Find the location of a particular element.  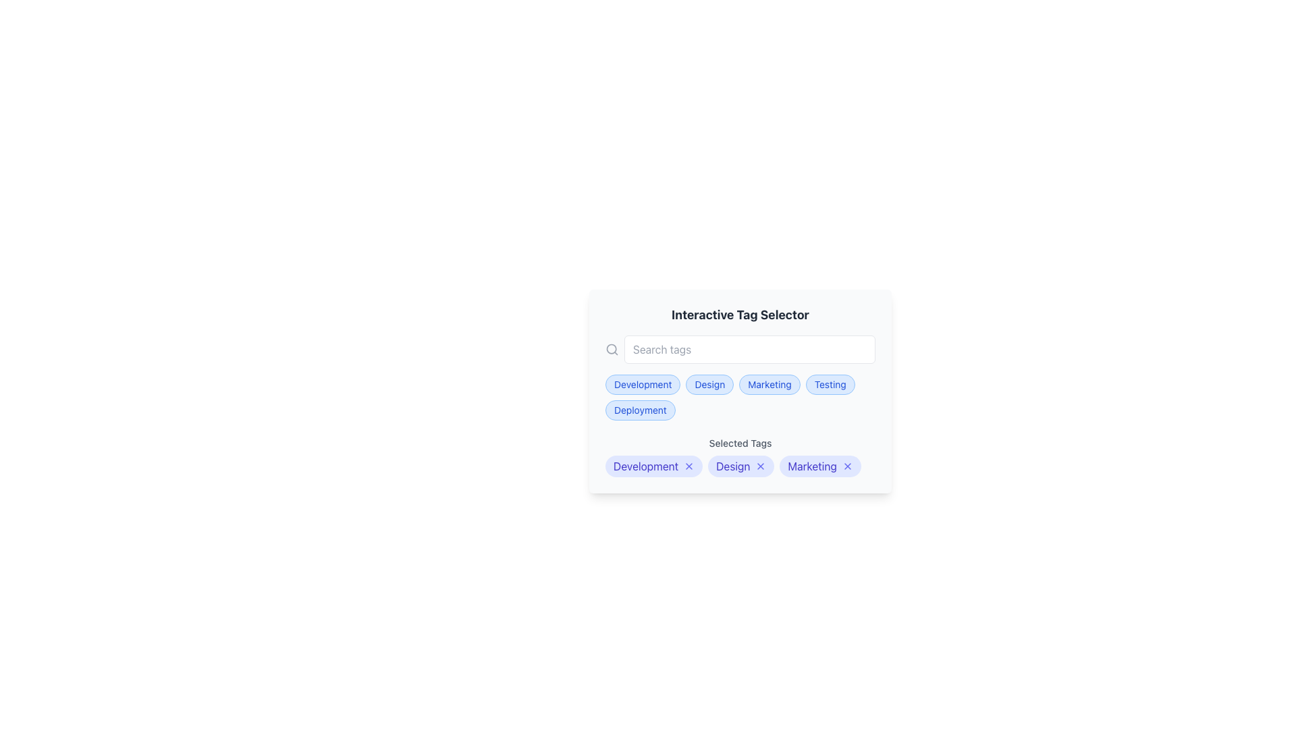

the 'Remove Marketing' button located in the 'Selected Tags' section is located at coordinates (846, 465).